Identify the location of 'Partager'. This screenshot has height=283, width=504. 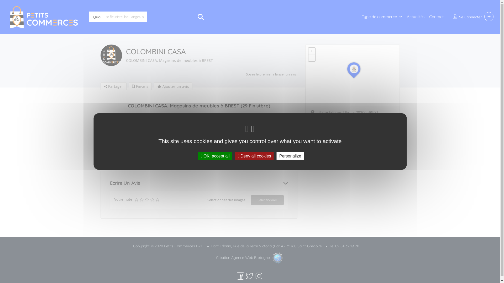
(113, 86).